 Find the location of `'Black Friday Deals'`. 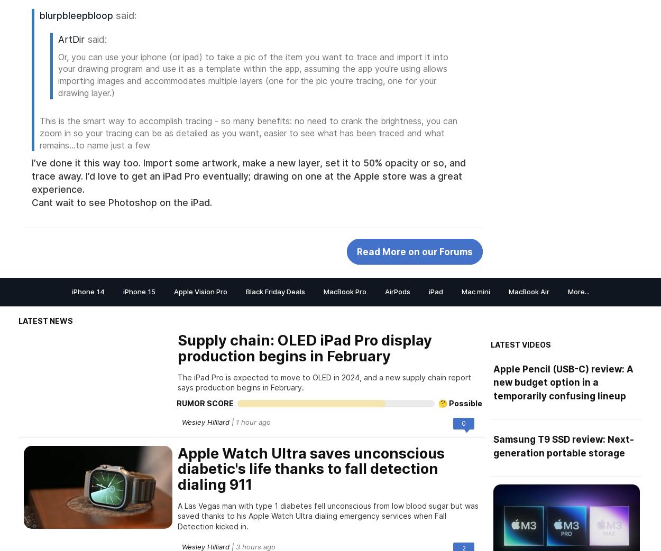

'Black Friday Deals' is located at coordinates (275, 291).